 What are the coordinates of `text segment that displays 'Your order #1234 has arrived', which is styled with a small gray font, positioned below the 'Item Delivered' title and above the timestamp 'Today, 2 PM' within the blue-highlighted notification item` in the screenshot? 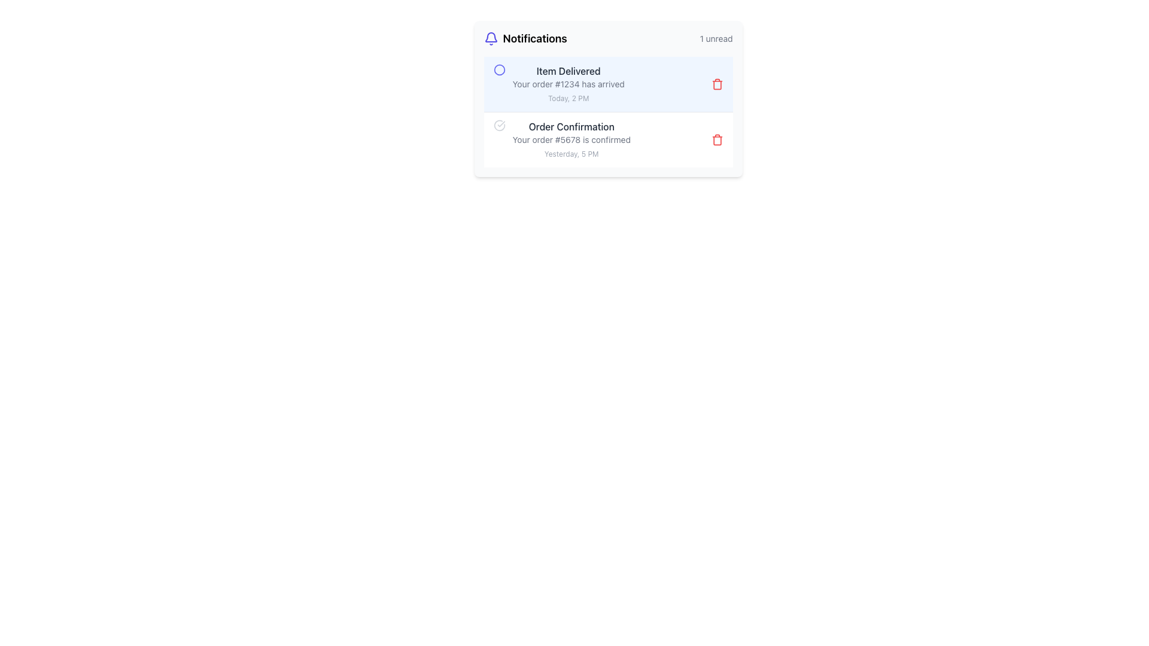 It's located at (568, 84).